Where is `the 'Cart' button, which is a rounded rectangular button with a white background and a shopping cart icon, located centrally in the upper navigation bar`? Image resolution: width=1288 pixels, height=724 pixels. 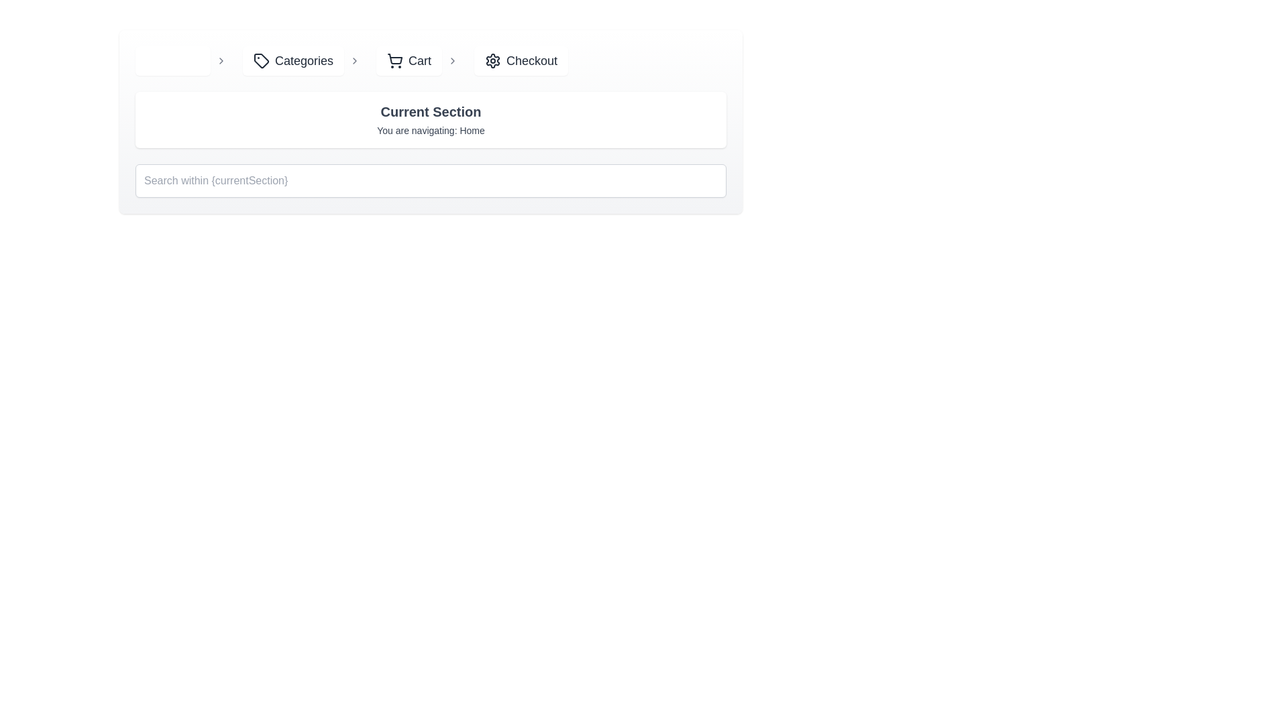 the 'Cart' button, which is a rounded rectangular button with a white background and a shopping cart icon, located centrally in the upper navigation bar is located at coordinates (408, 61).